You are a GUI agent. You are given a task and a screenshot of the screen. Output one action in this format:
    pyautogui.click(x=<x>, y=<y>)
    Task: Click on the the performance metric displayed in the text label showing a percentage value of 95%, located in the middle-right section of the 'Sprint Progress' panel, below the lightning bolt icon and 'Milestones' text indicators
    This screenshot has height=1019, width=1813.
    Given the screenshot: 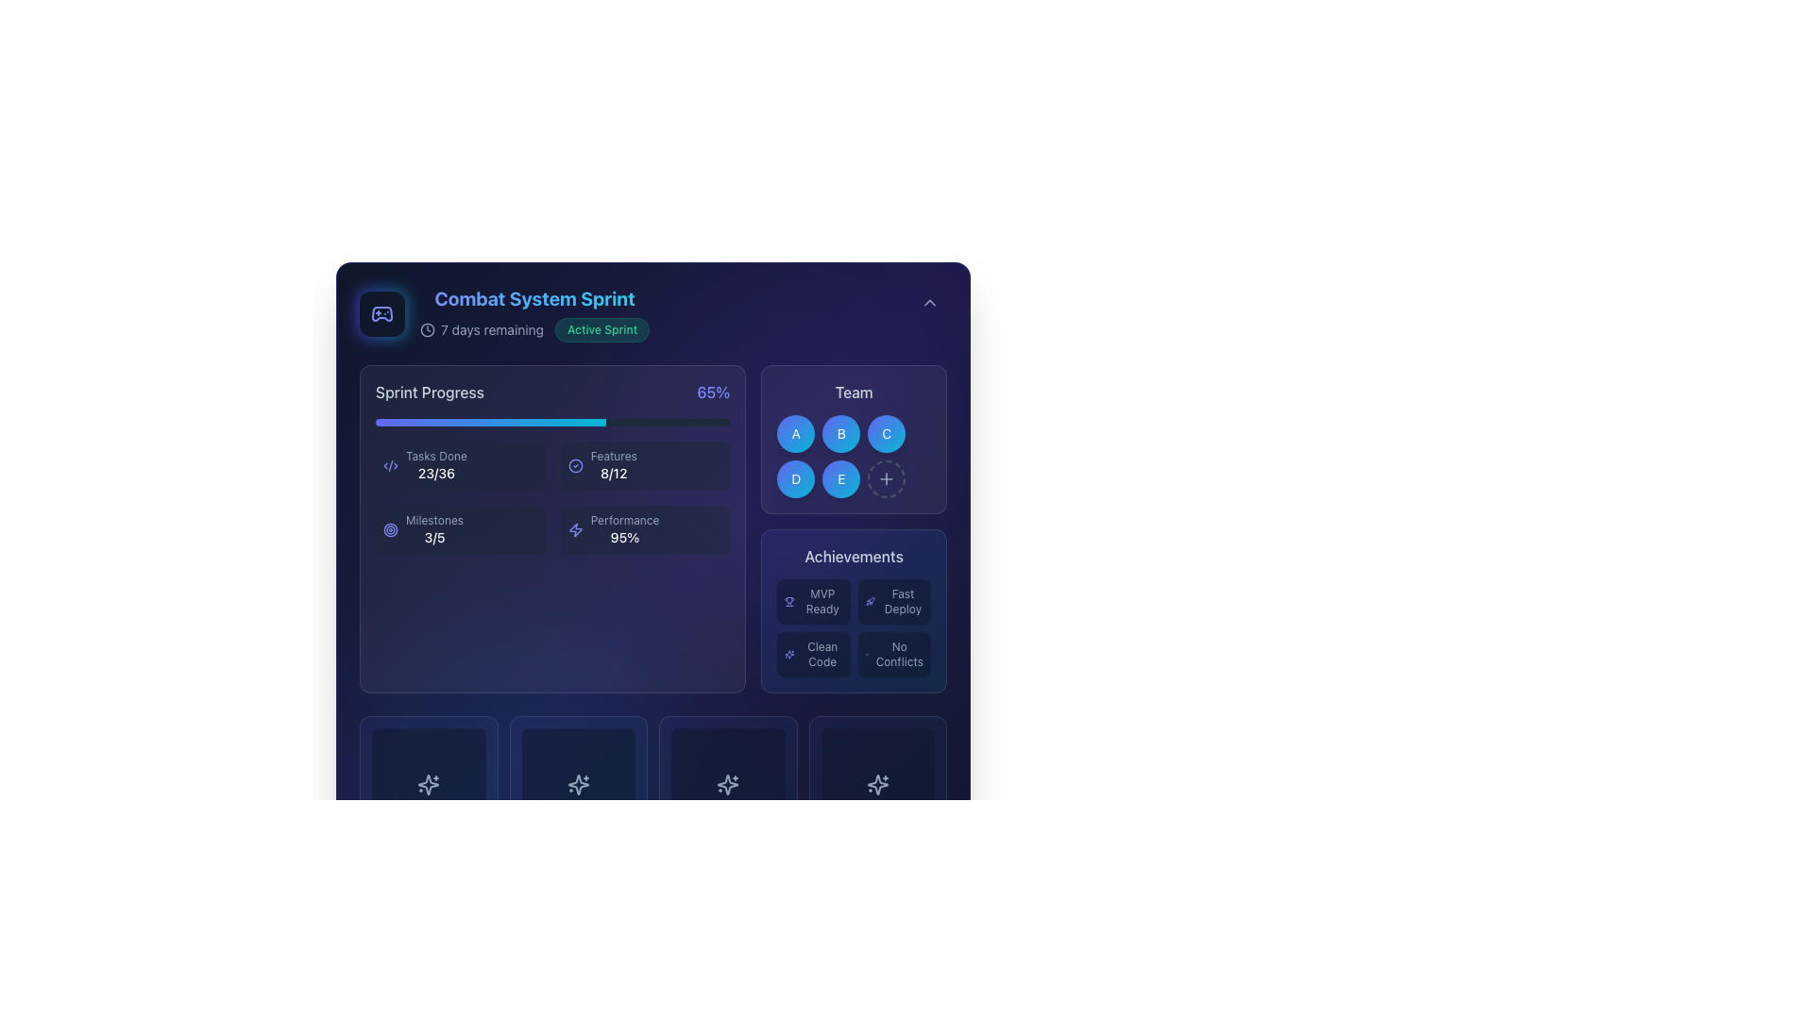 What is the action you would take?
    pyautogui.click(x=625, y=530)
    